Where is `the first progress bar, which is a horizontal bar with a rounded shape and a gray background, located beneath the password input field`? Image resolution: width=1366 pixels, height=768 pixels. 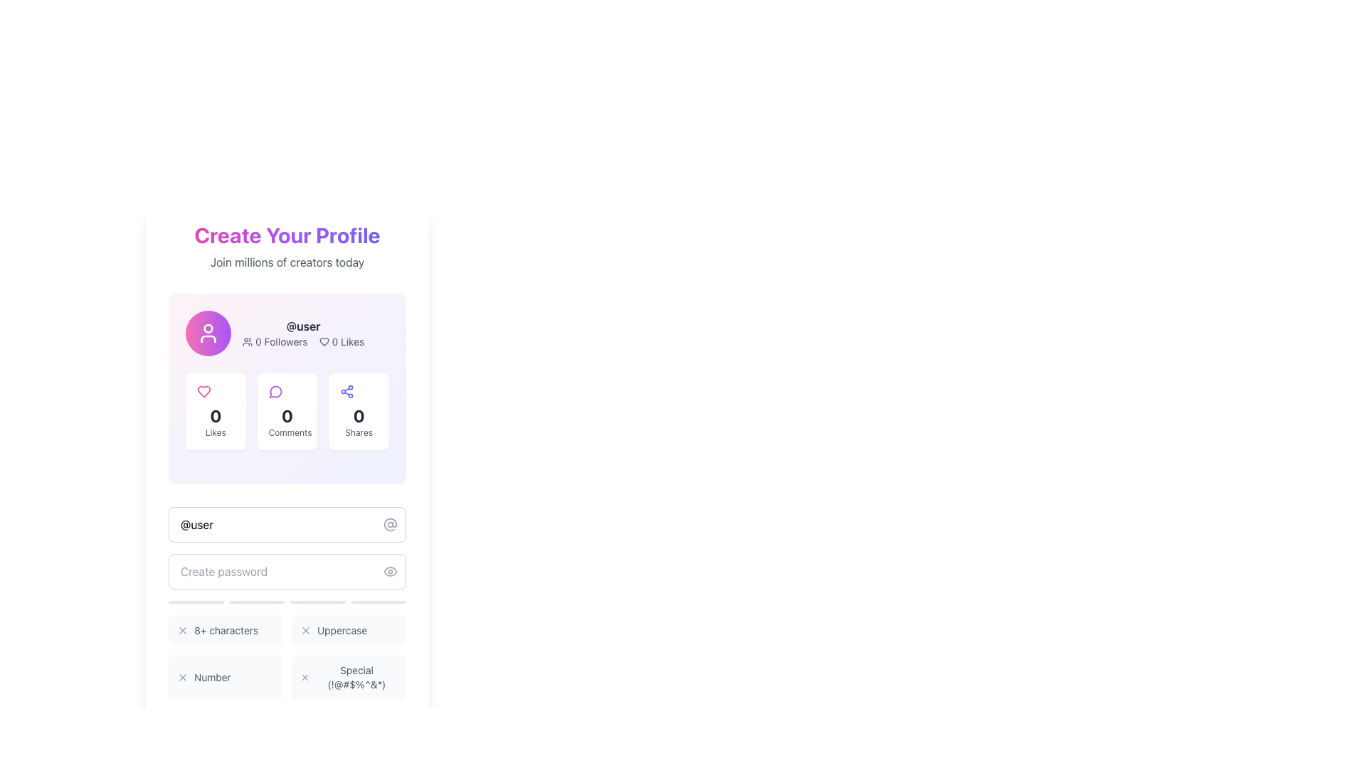
the first progress bar, which is a horizontal bar with a rounded shape and a gray background, located beneath the password input field is located at coordinates (195, 602).